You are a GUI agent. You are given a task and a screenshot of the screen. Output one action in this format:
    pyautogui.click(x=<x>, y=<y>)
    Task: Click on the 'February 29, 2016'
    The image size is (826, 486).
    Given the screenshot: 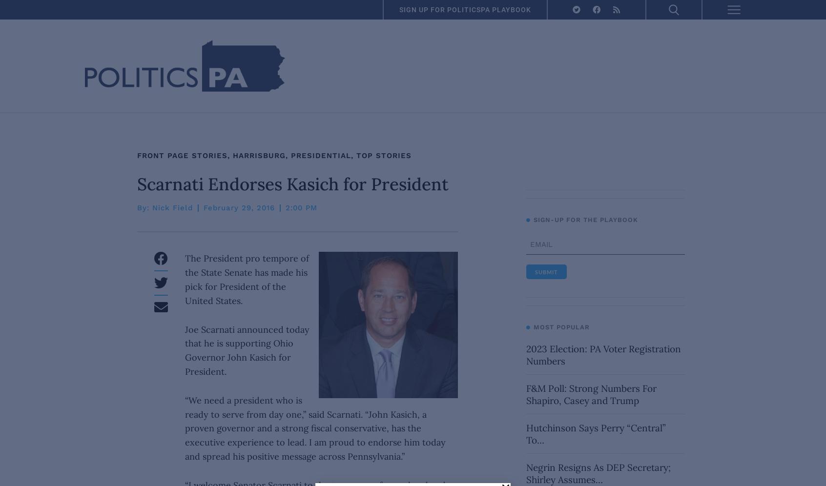 What is the action you would take?
    pyautogui.click(x=239, y=207)
    